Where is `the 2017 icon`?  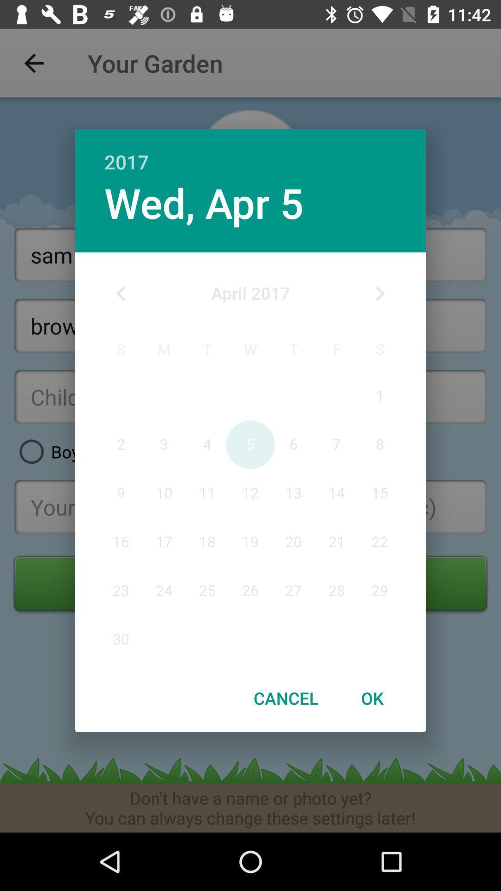
the 2017 icon is located at coordinates (250, 152).